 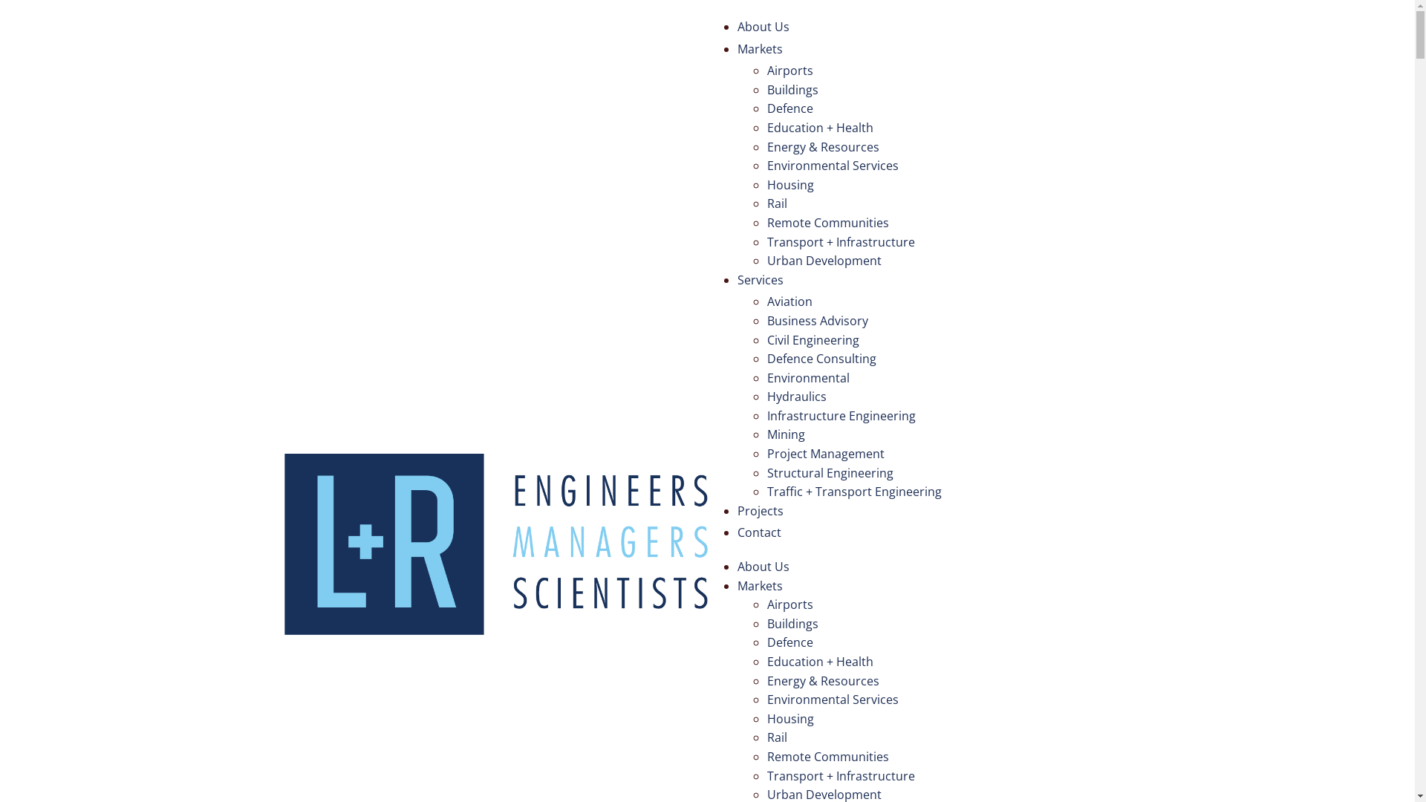 I want to click on 'Traffic + Transport Engineering', so click(x=853, y=492).